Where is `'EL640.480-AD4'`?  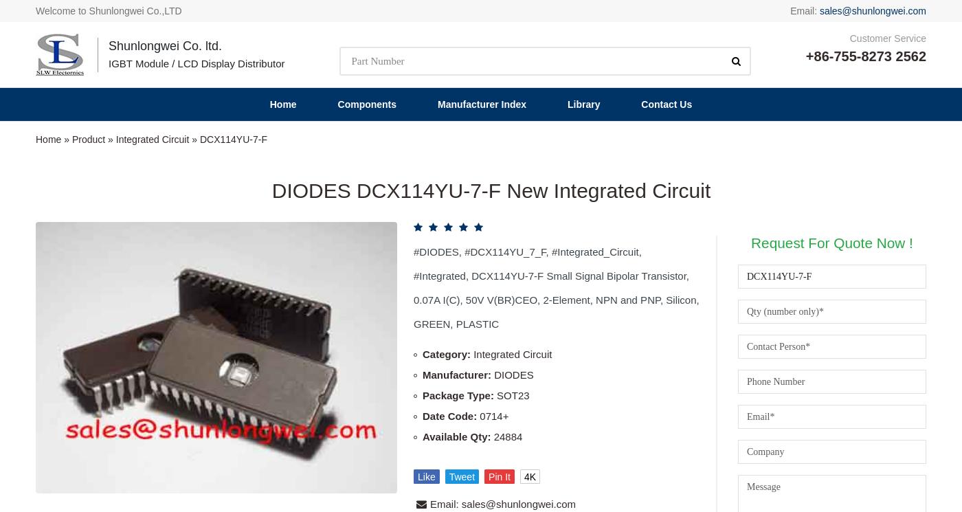
'EL640.480-AD4' is located at coordinates (557, 403).